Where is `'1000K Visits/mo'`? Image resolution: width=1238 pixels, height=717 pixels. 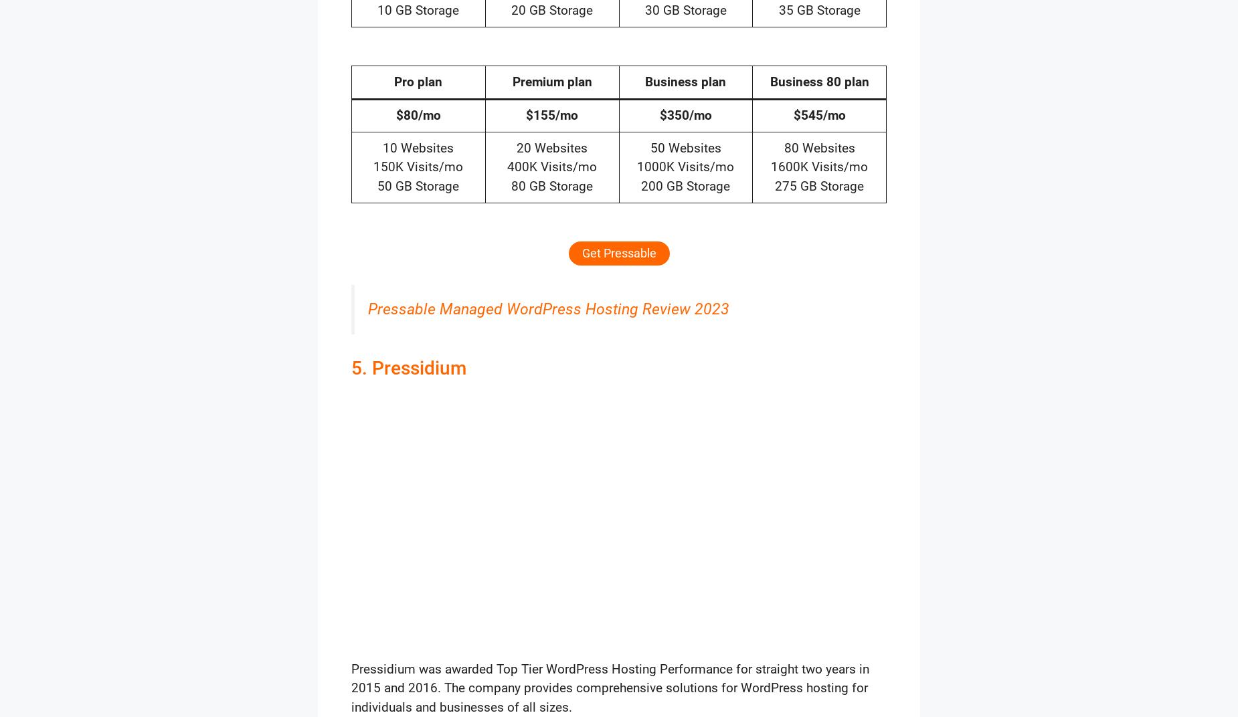 '1000K Visits/mo' is located at coordinates (685, 167).